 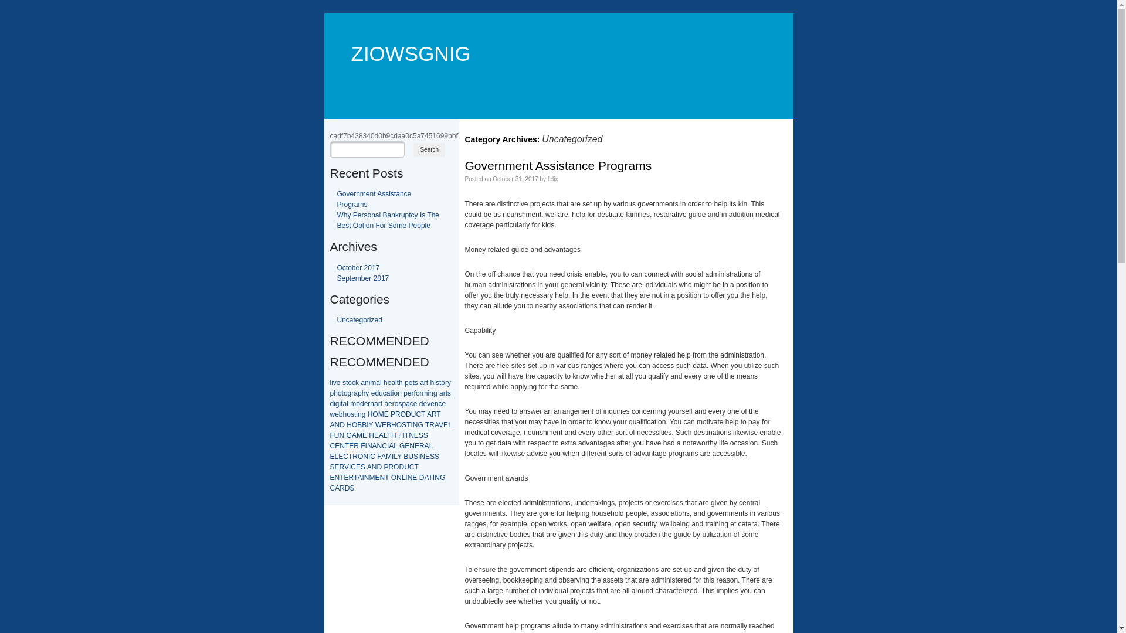 What do you see at coordinates (379, 456) in the screenshot?
I see `'F'` at bounding box center [379, 456].